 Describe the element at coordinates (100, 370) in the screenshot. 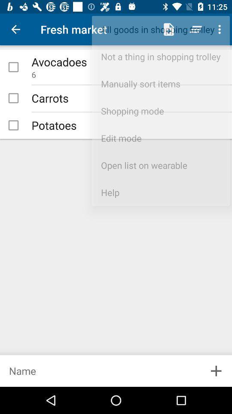

I see `advertisement page` at that location.